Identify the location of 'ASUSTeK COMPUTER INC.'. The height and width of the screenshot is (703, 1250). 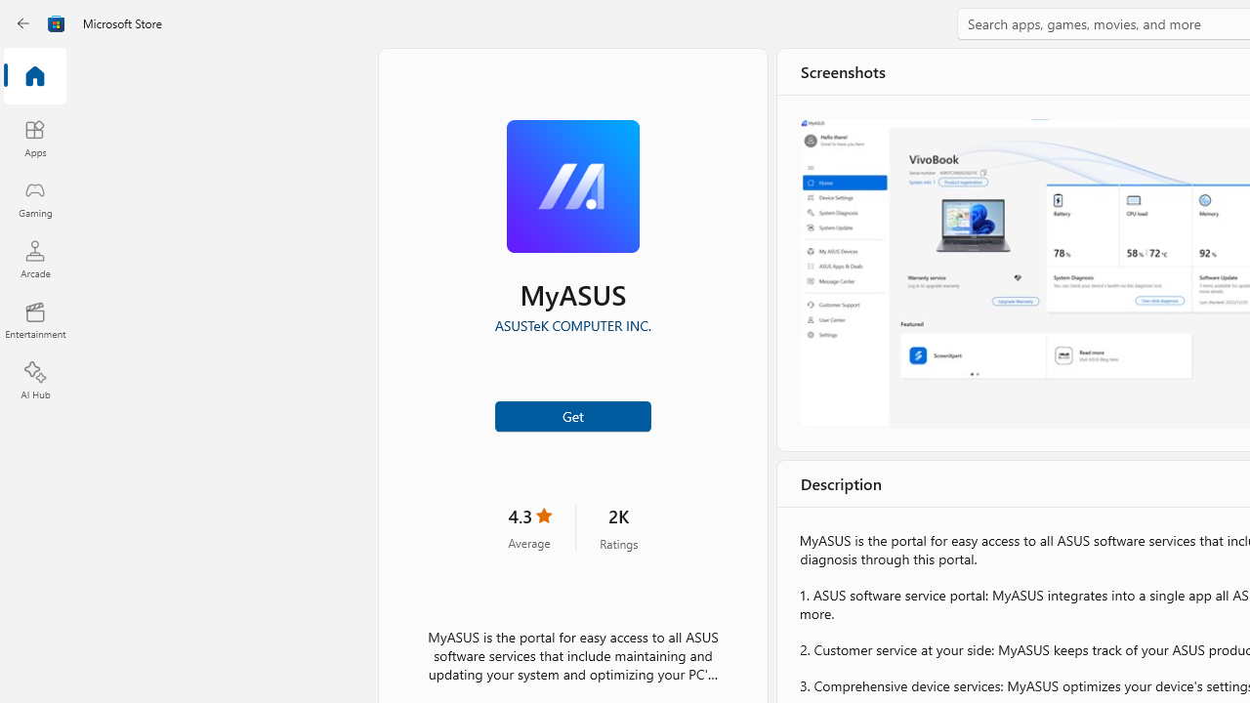
(570, 324).